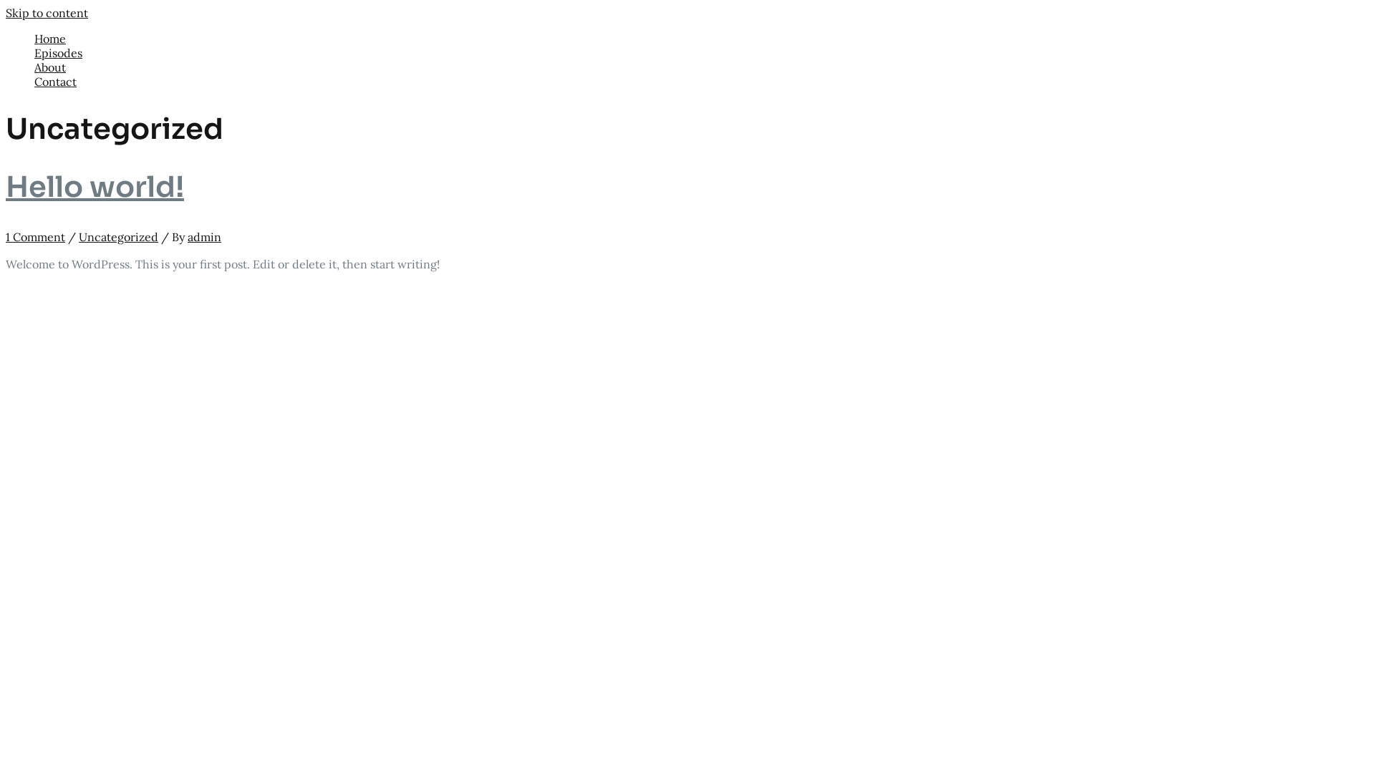  I want to click on '1 Comment', so click(35, 236).